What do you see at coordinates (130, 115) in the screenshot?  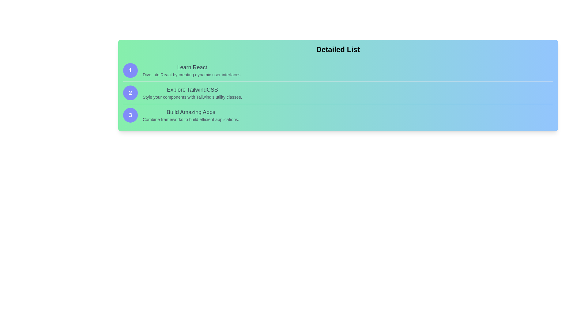 I see `the circular badge with a blue background and the number '3' in white, which is the third badge in a vertical list of badges located to the left of the text 'Build Amazing Apps'` at bounding box center [130, 115].